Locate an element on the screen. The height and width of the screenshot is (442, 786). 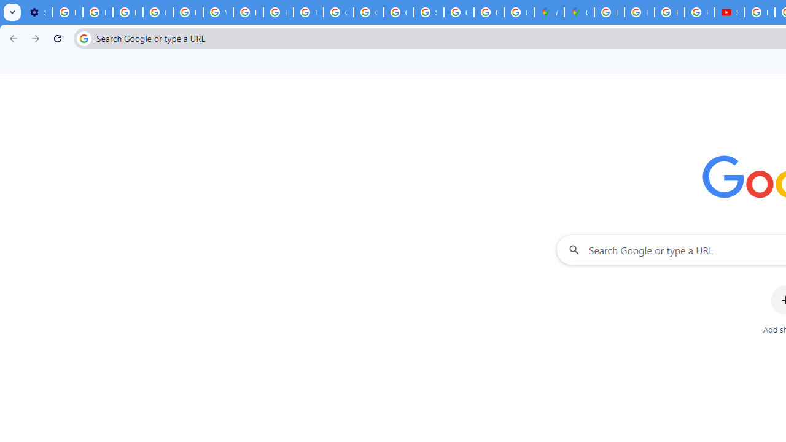
'Settings - Customize profile' is located at coordinates (37, 12).